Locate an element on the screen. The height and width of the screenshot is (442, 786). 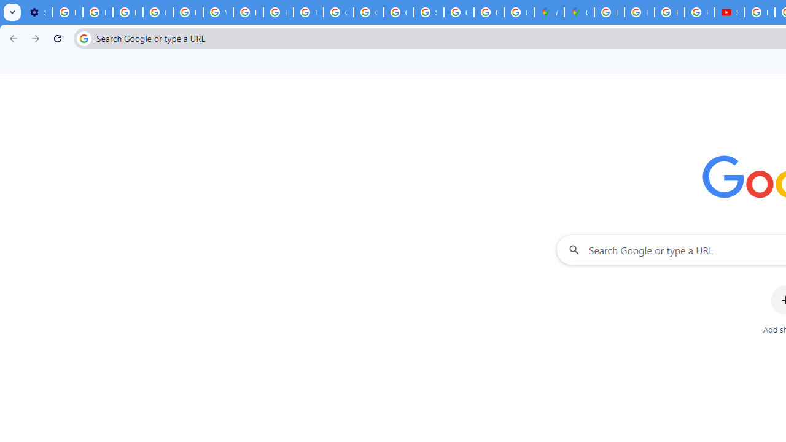
'Settings - Customize profile' is located at coordinates (37, 12).